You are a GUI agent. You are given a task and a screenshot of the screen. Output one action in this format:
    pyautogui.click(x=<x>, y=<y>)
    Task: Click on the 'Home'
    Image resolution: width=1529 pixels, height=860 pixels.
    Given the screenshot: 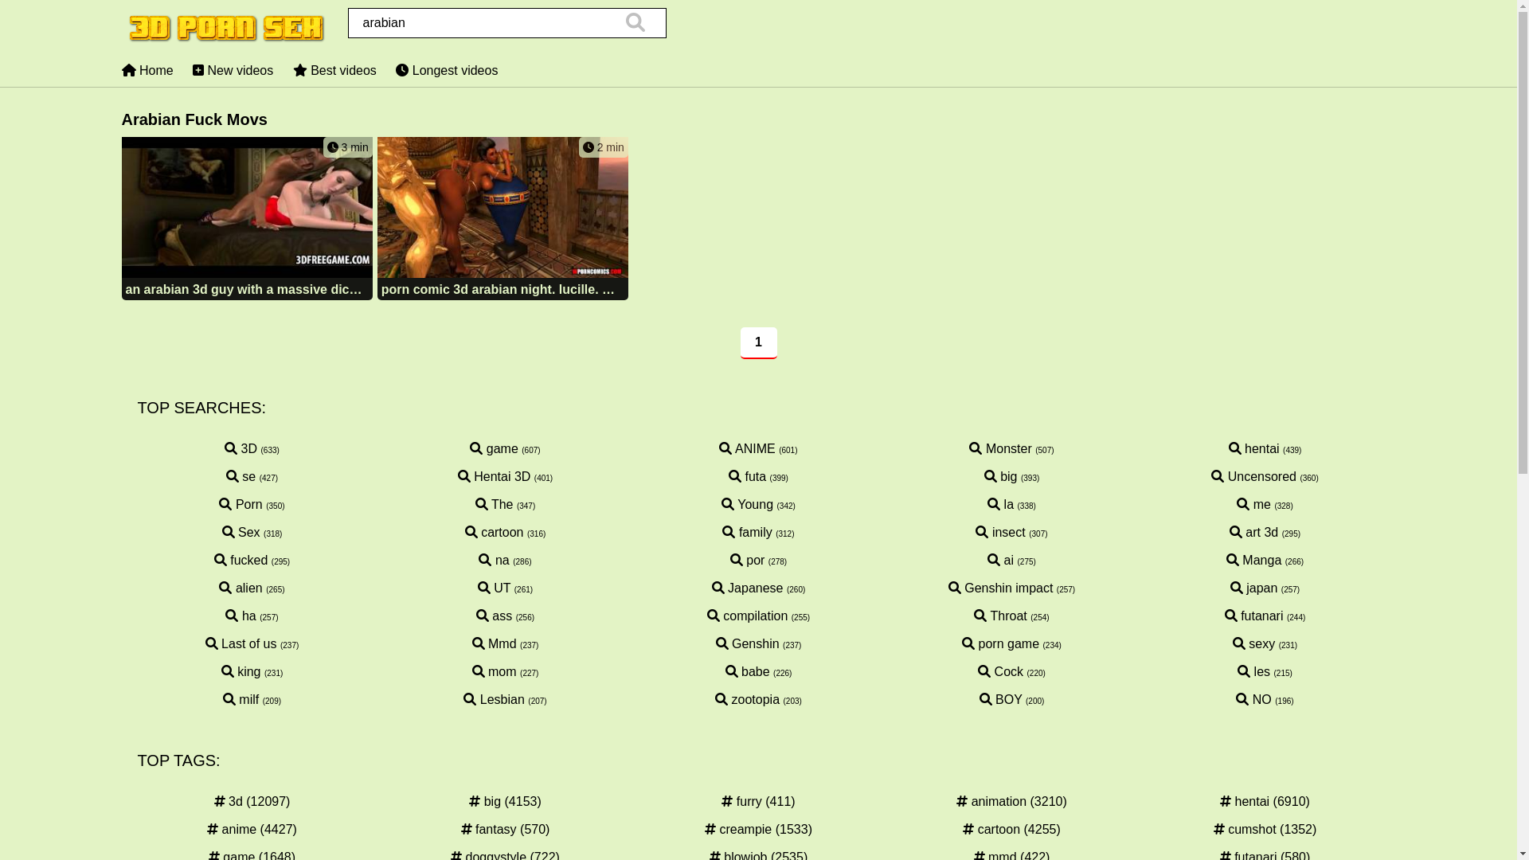 What is the action you would take?
    pyautogui.click(x=120, y=69)
    